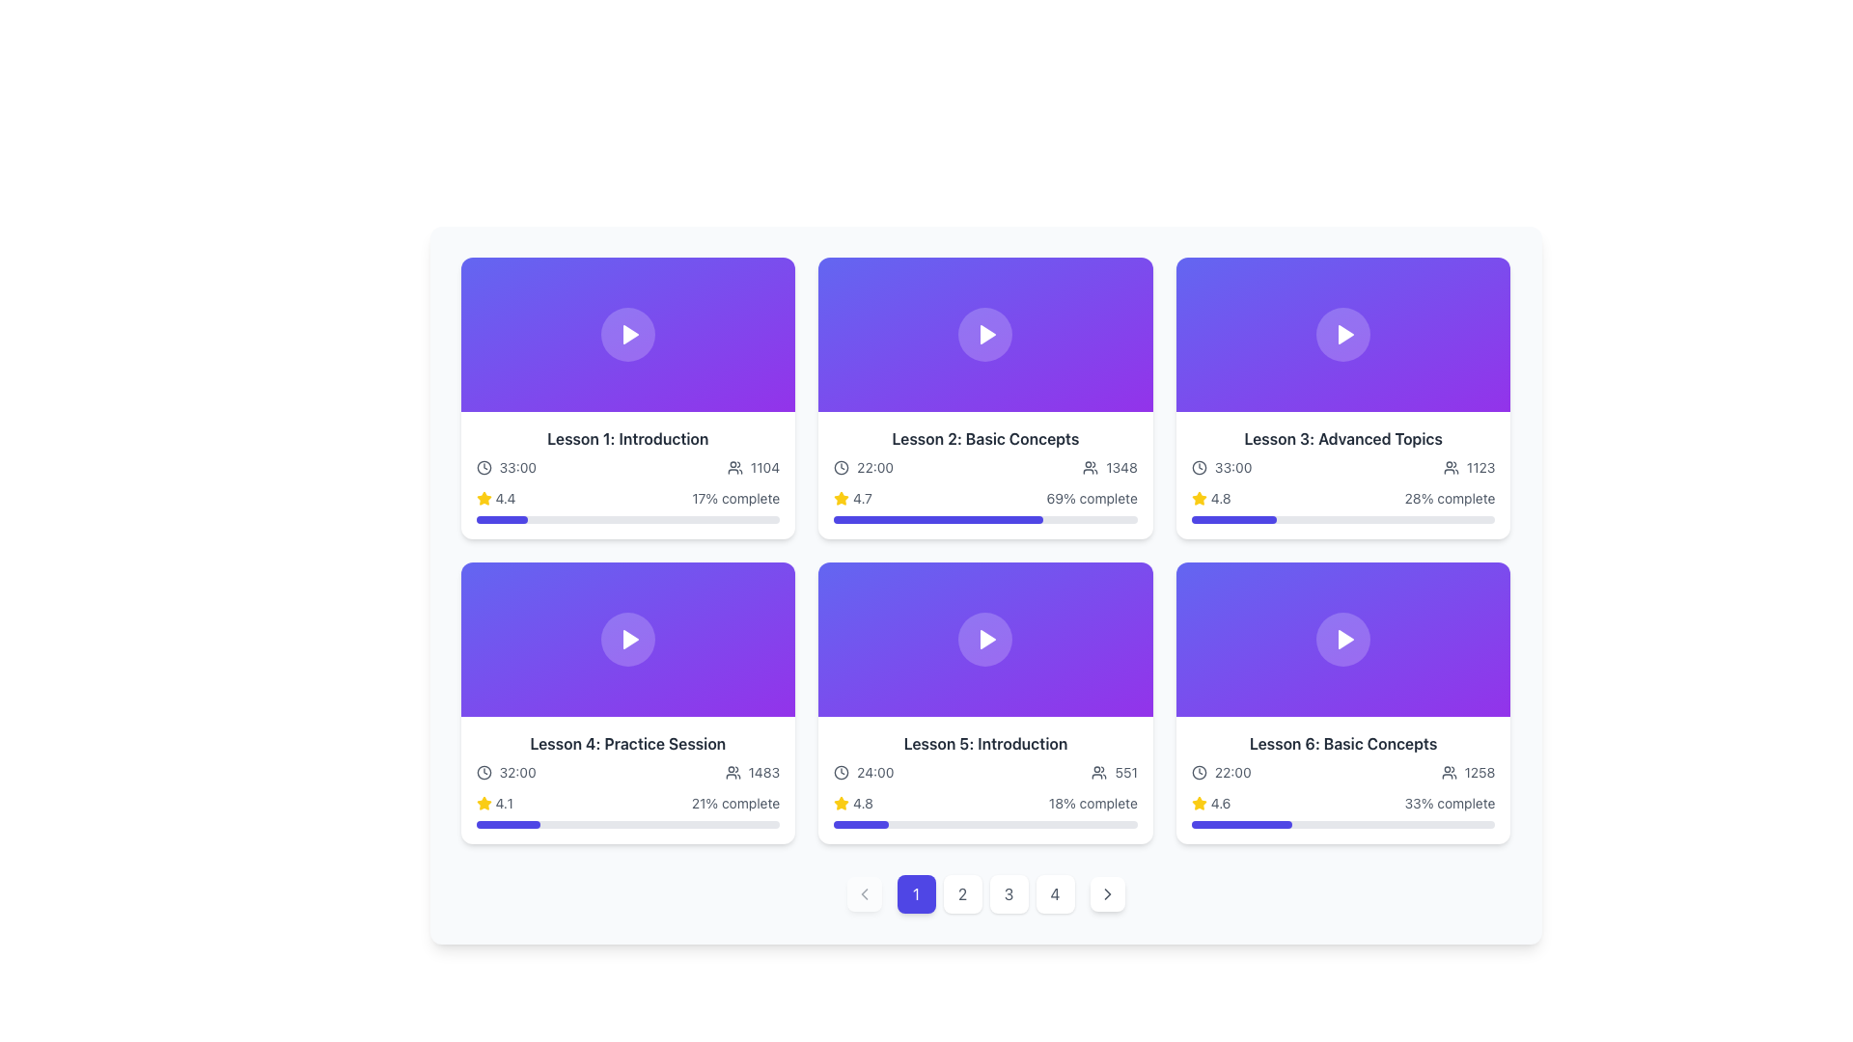 The width and height of the screenshot is (1853, 1042). What do you see at coordinates (1232, 468) in the screenshot?
I see `the text label displaying '33:00', which is styled in a sans-serif font and located next to a clock icon in the third card of the top row` at bounding box center [1232, 468].